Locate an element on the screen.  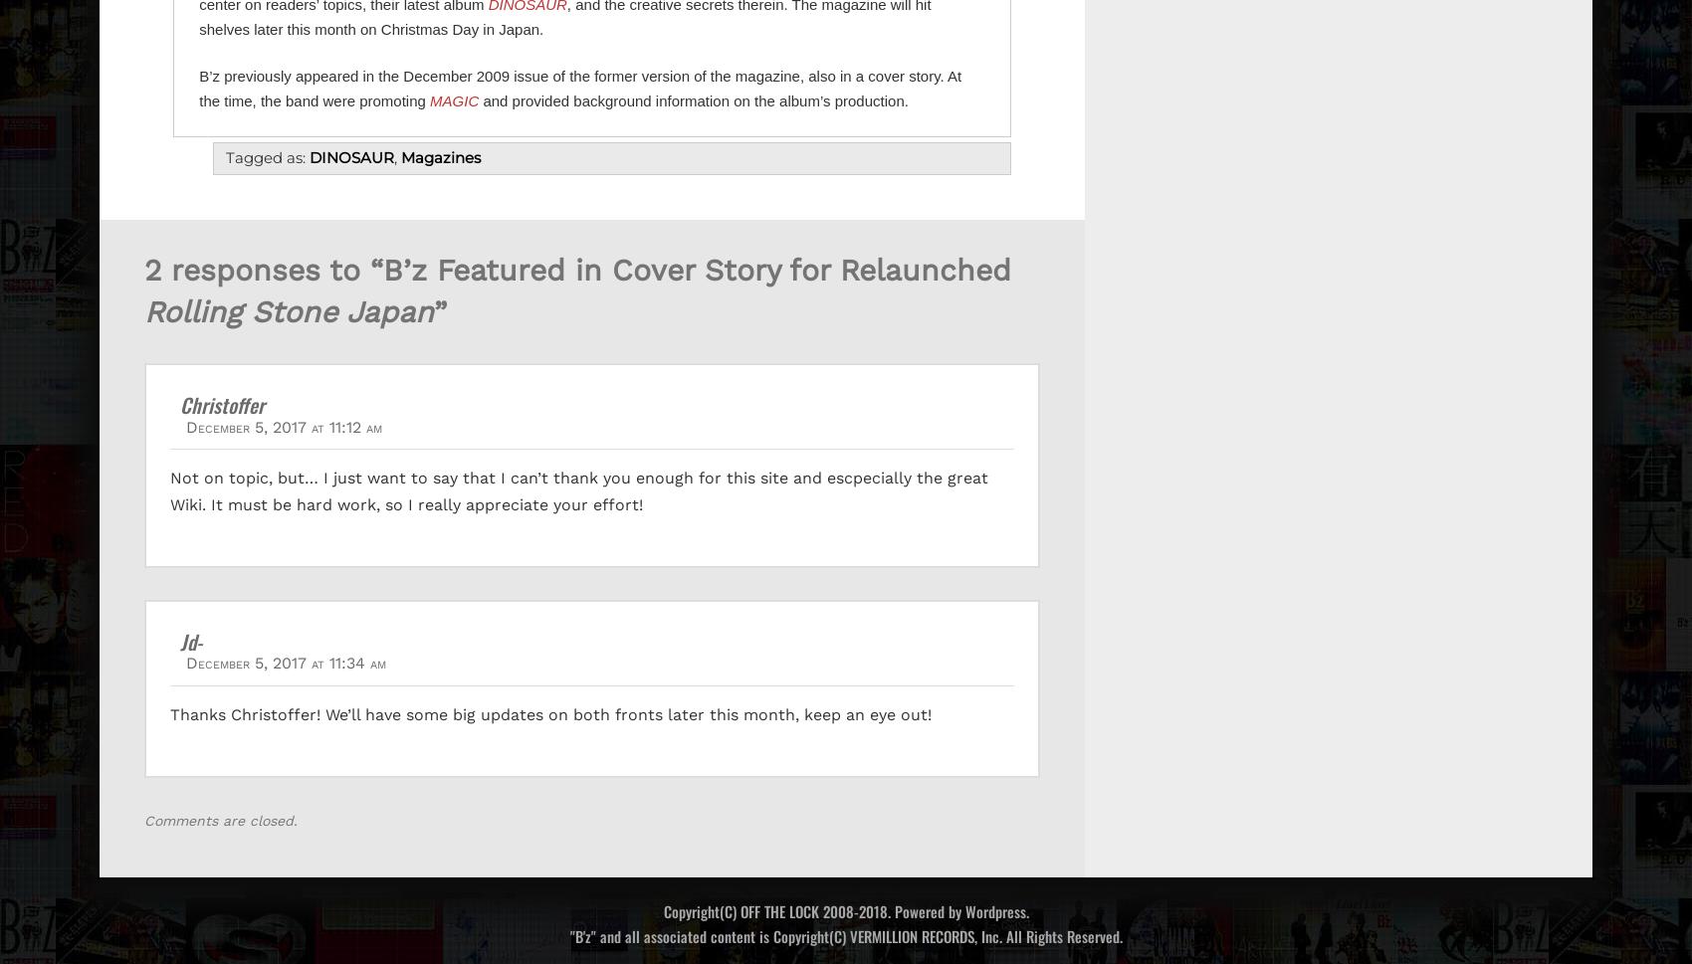
'Christoffer' is located at coordinates (179, 403).